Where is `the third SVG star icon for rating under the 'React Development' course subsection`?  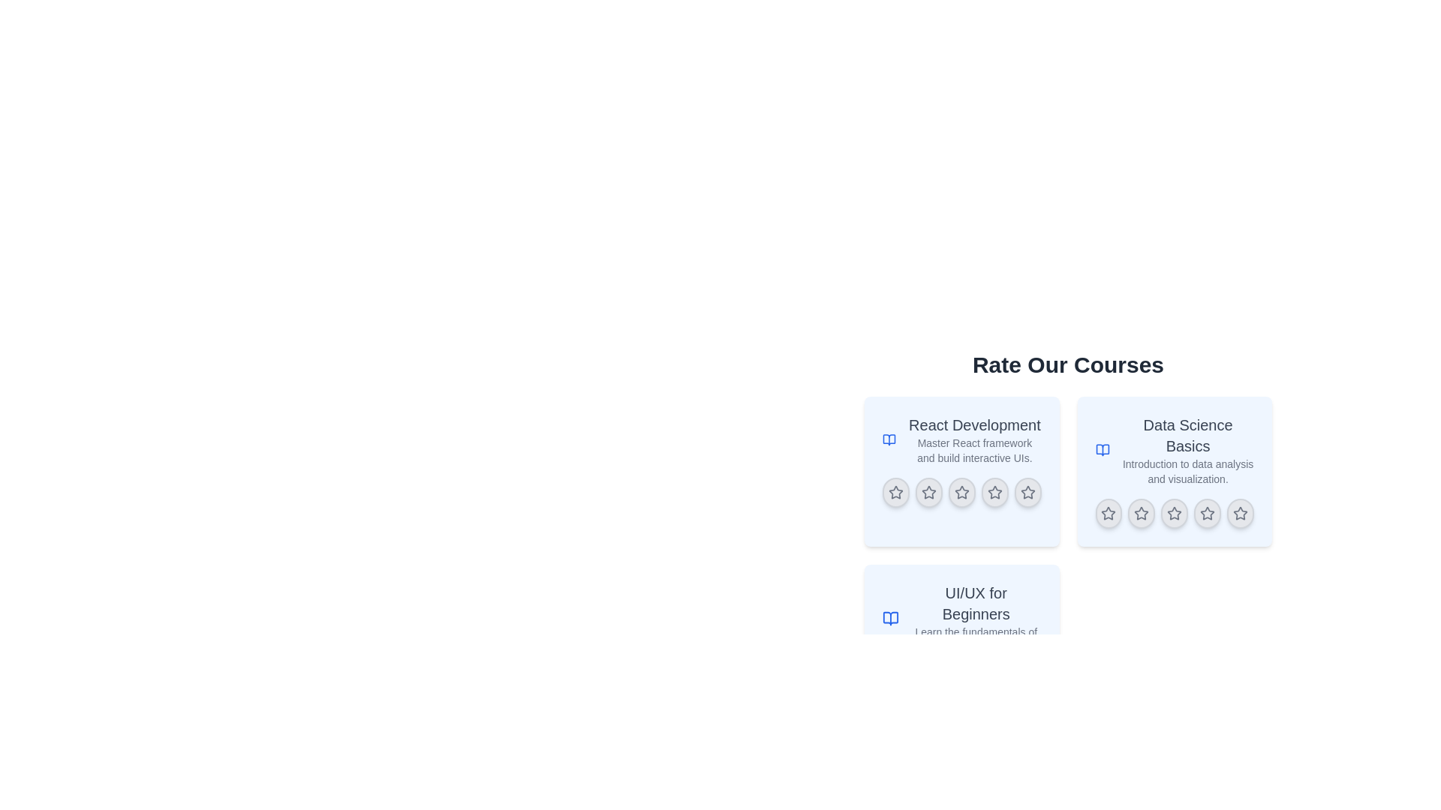
the third SVG star icon for rating under the 'React Development' course subsection is located at coordinates (928, 492).